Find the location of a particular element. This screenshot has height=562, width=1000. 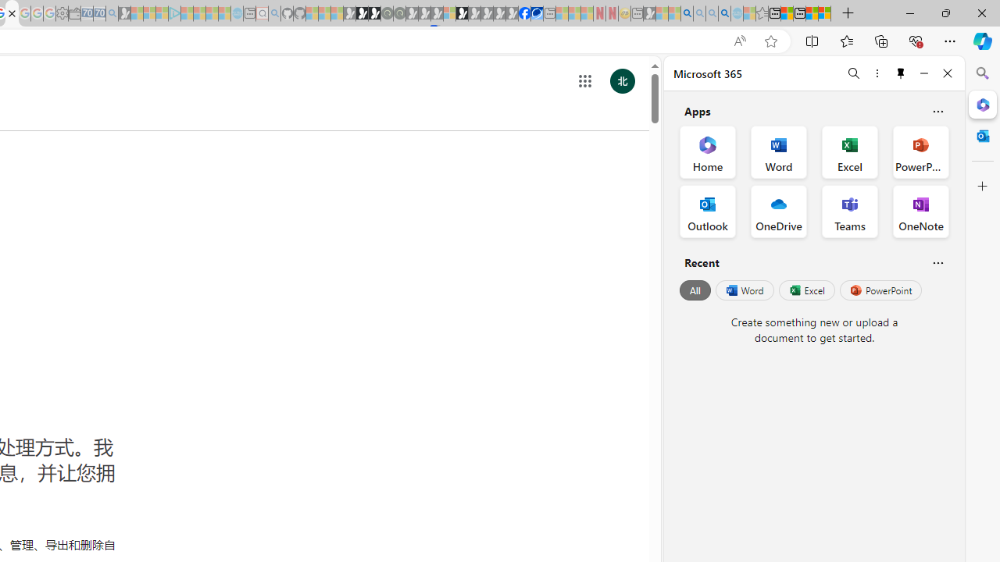

'Google Chrome Internet Browser Download - Search Images' is located at coordinates (724, 13).